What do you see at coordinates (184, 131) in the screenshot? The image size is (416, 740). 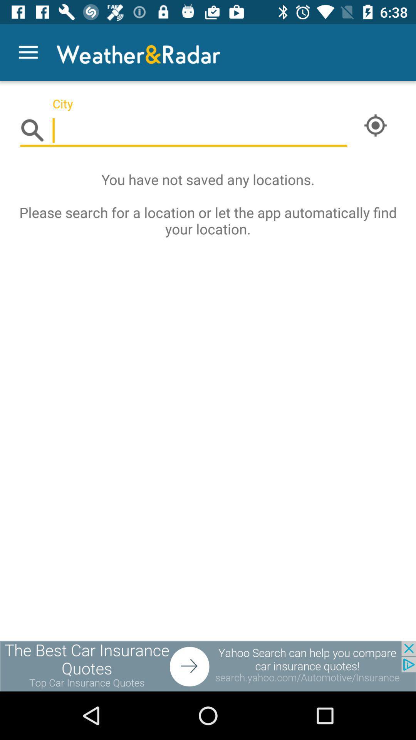 I see `city` at bounding box center [184, 131].